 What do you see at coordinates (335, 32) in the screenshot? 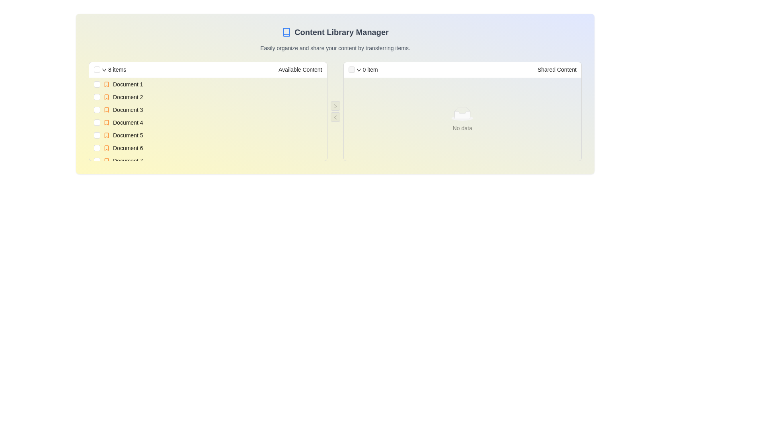
I see `the UI Header displaying the bold text 'Content Library Manager' with a blue book icon, located at the center-top of the visible interface` at bounding box center [335, 32].